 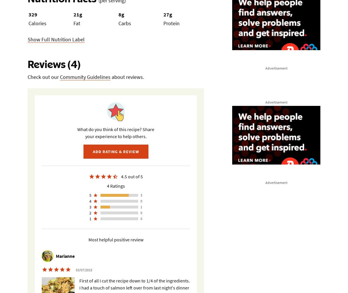 I want to click on '03/07/2015', so click(x=76, y=270).